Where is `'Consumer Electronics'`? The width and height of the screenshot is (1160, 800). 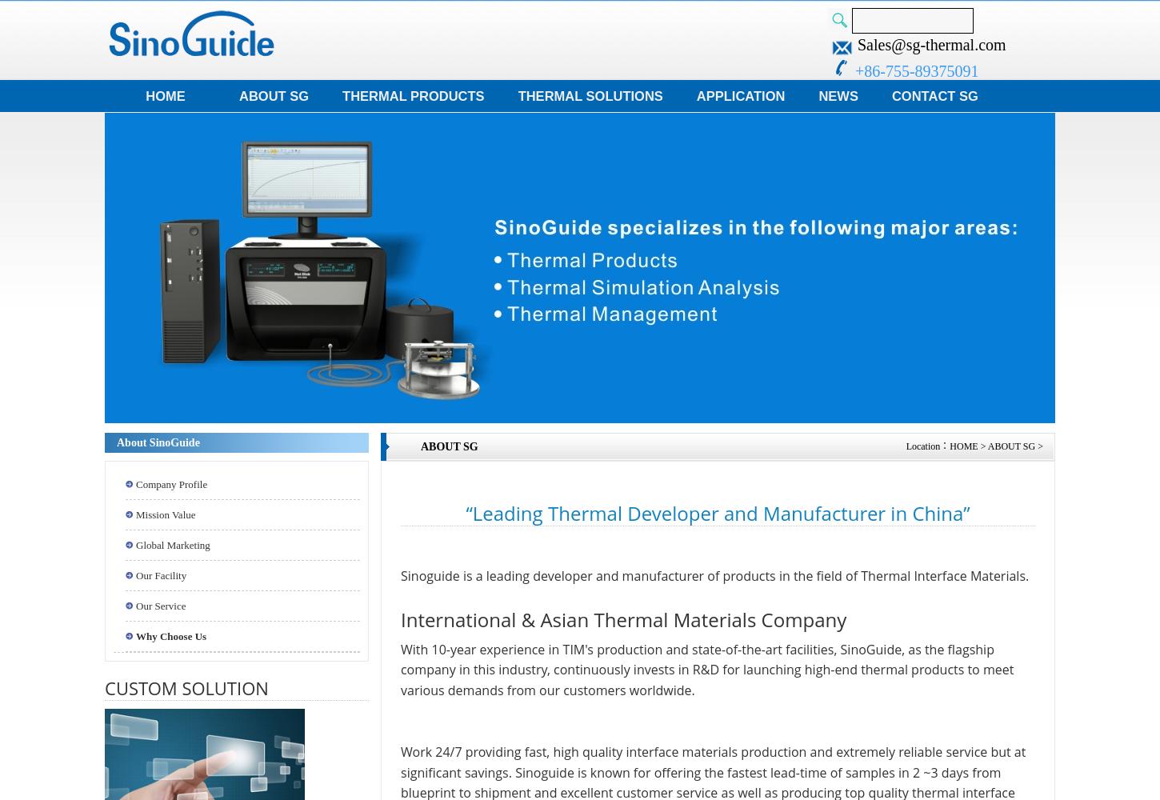 'Consumer Electronics' is located at coordinates (67, 90).